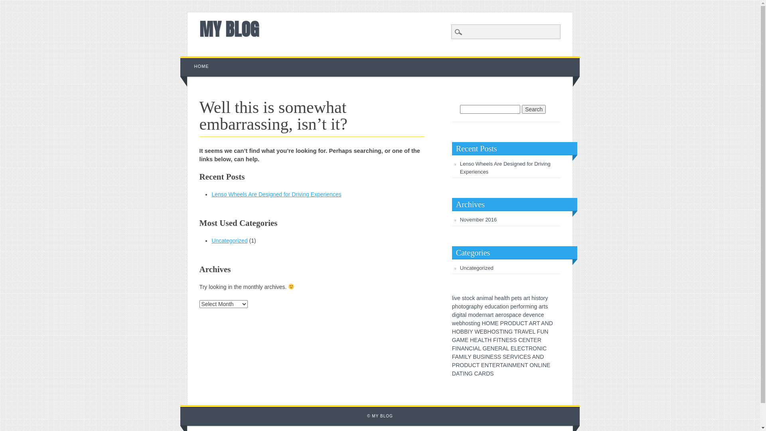  Describe the element at coordinates (494, 348) in the screenshot. I see `'E'` at that location.